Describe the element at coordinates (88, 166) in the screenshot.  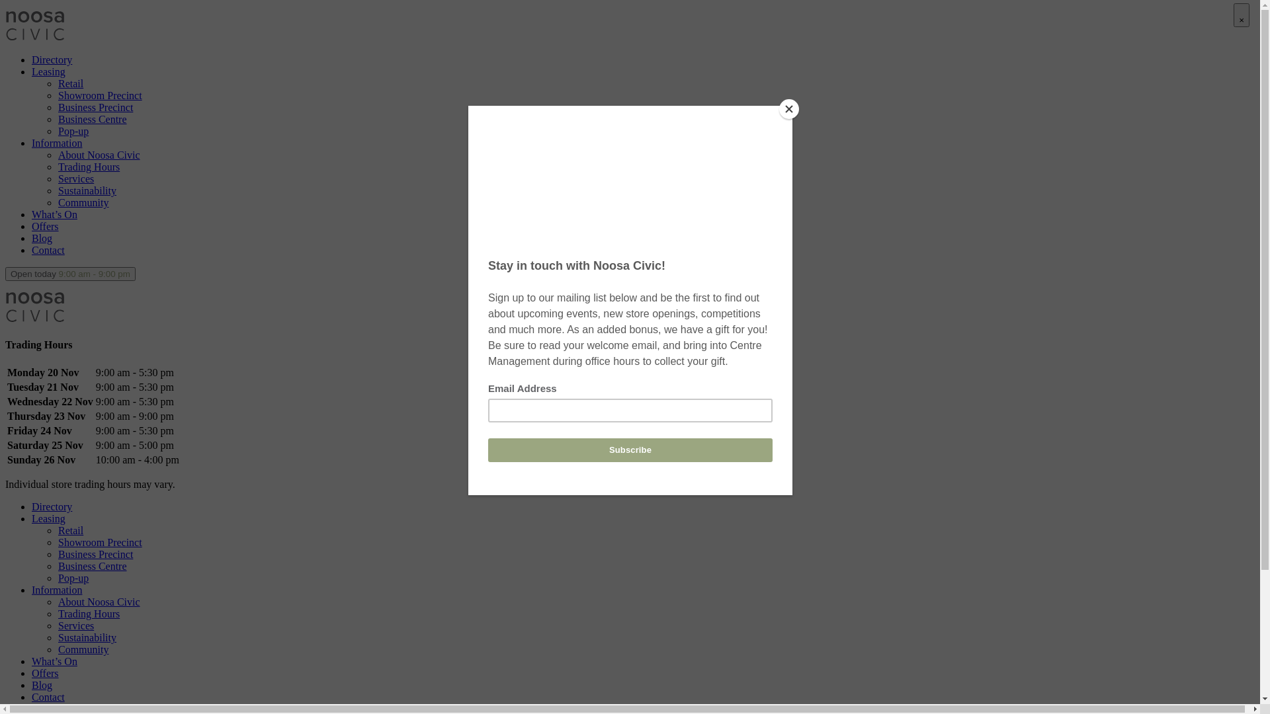
I see `'Trading Hours'` at that location.